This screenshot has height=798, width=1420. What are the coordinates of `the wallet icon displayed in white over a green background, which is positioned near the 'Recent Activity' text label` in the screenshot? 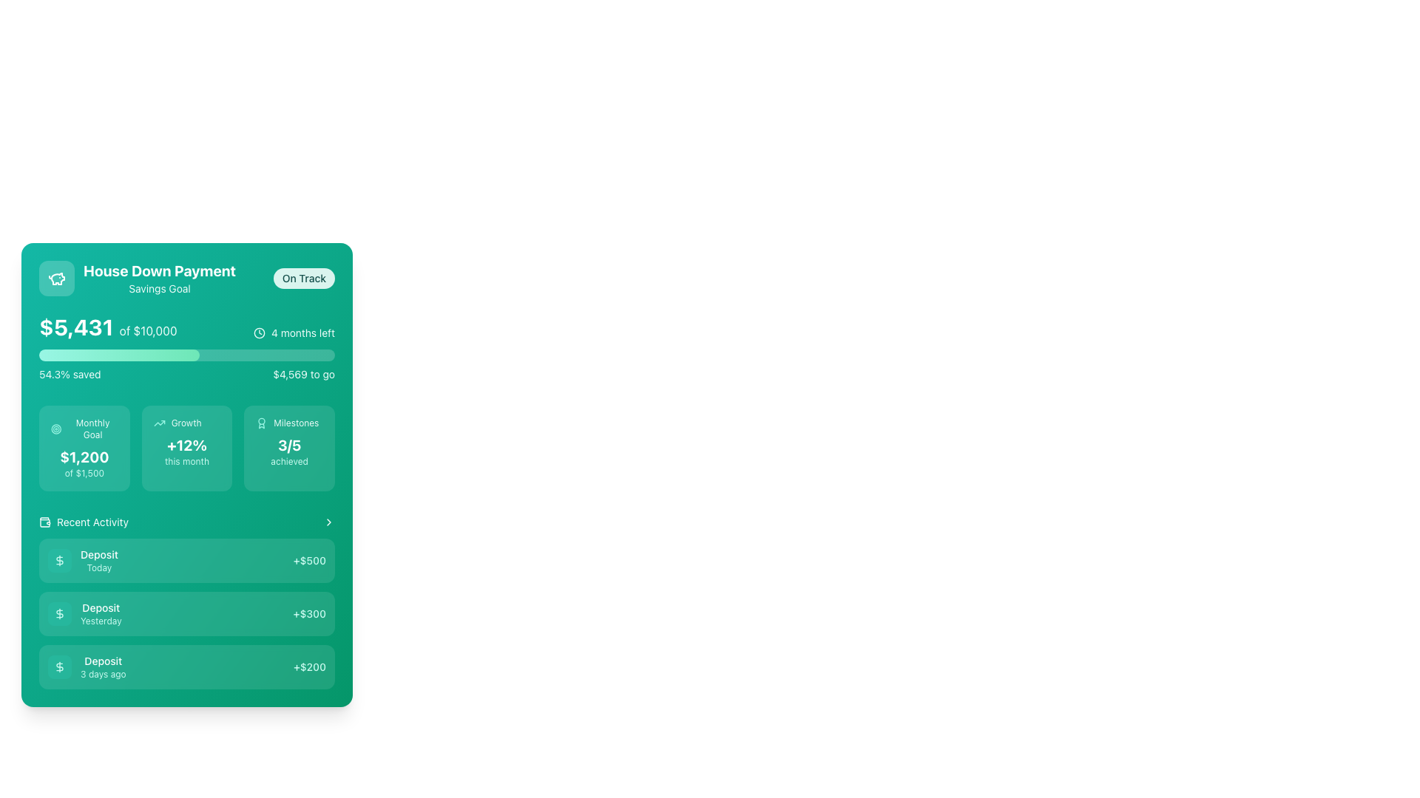 It's located at (45, 521).